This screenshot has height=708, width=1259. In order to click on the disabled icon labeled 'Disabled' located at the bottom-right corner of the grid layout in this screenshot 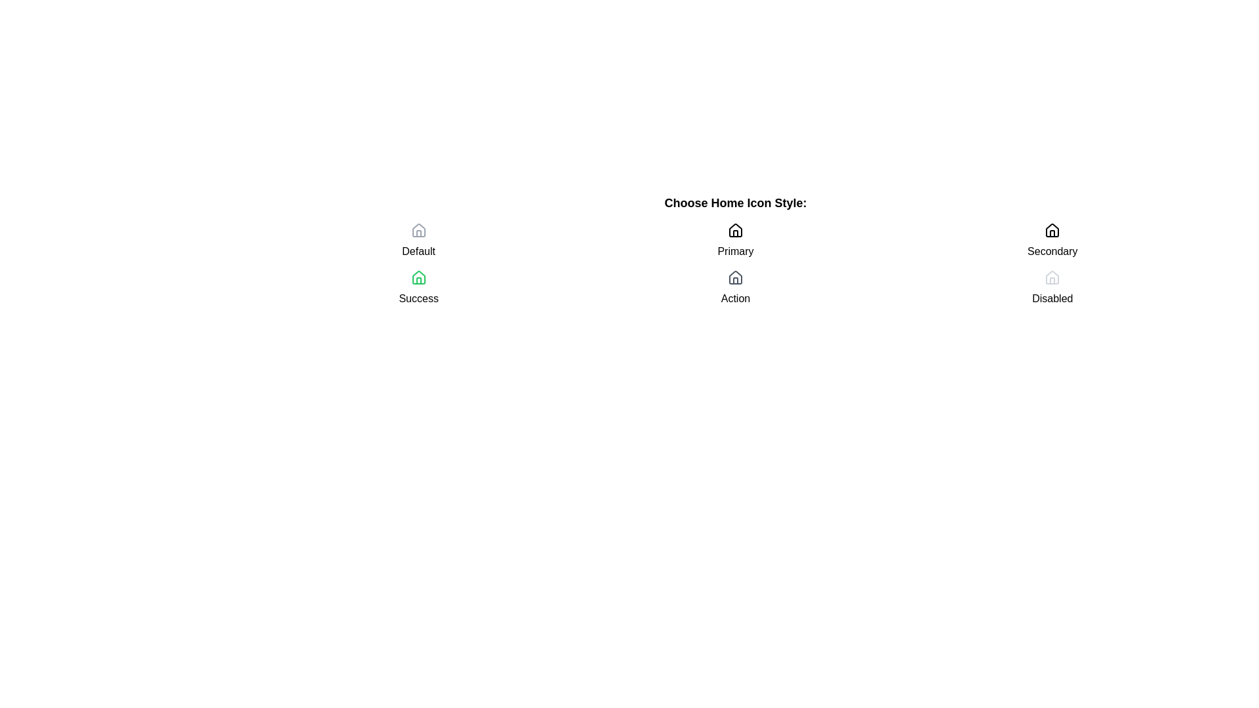, I will do `click(1052, 287)`.